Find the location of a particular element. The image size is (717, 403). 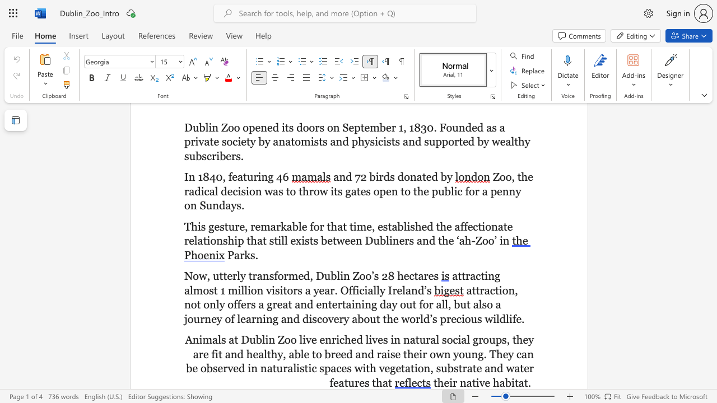

the subset text "their native h" within the text "their native habitat." is located at coordinates (432, 382).